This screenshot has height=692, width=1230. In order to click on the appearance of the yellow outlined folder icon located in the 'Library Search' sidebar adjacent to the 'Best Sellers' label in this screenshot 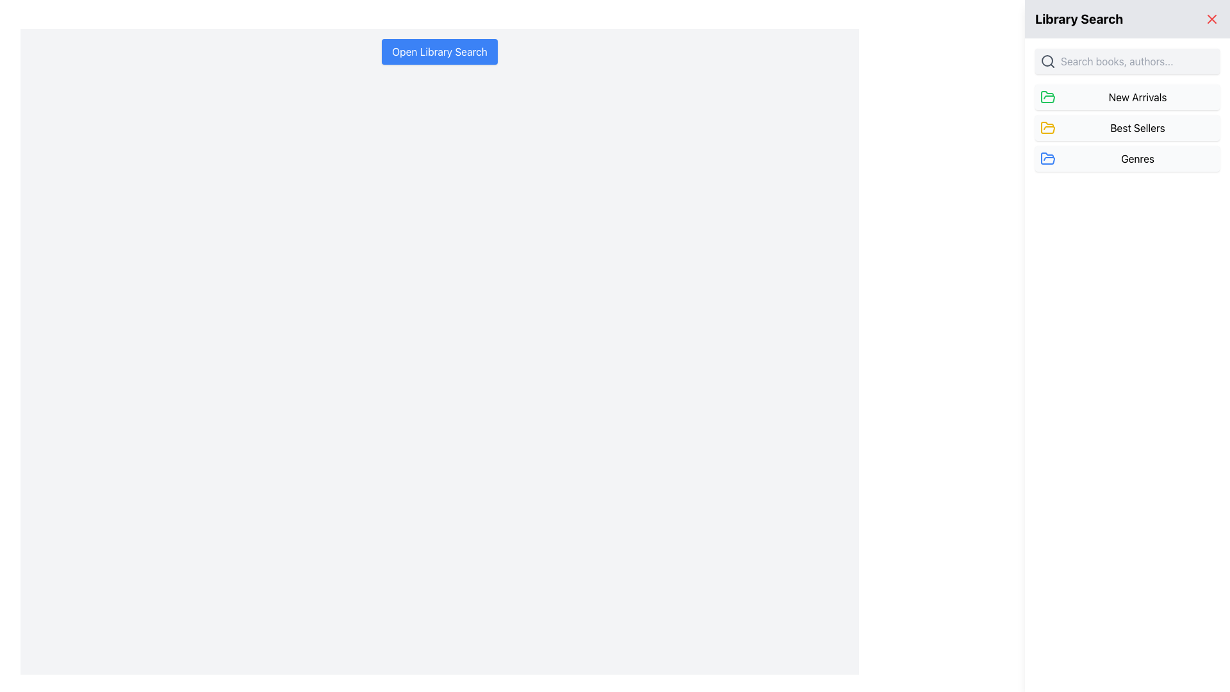, I will do `click(1048, 128)`.